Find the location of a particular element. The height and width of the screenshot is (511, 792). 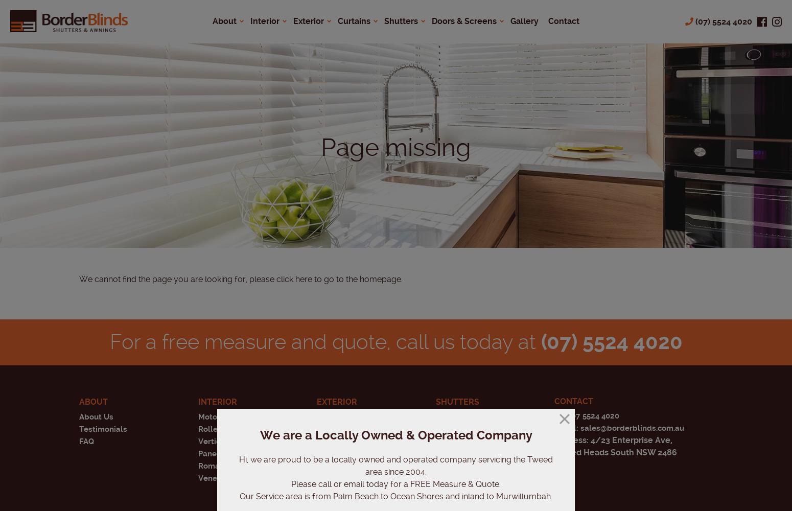

'FAQ' is located at coordinates (86, 441).